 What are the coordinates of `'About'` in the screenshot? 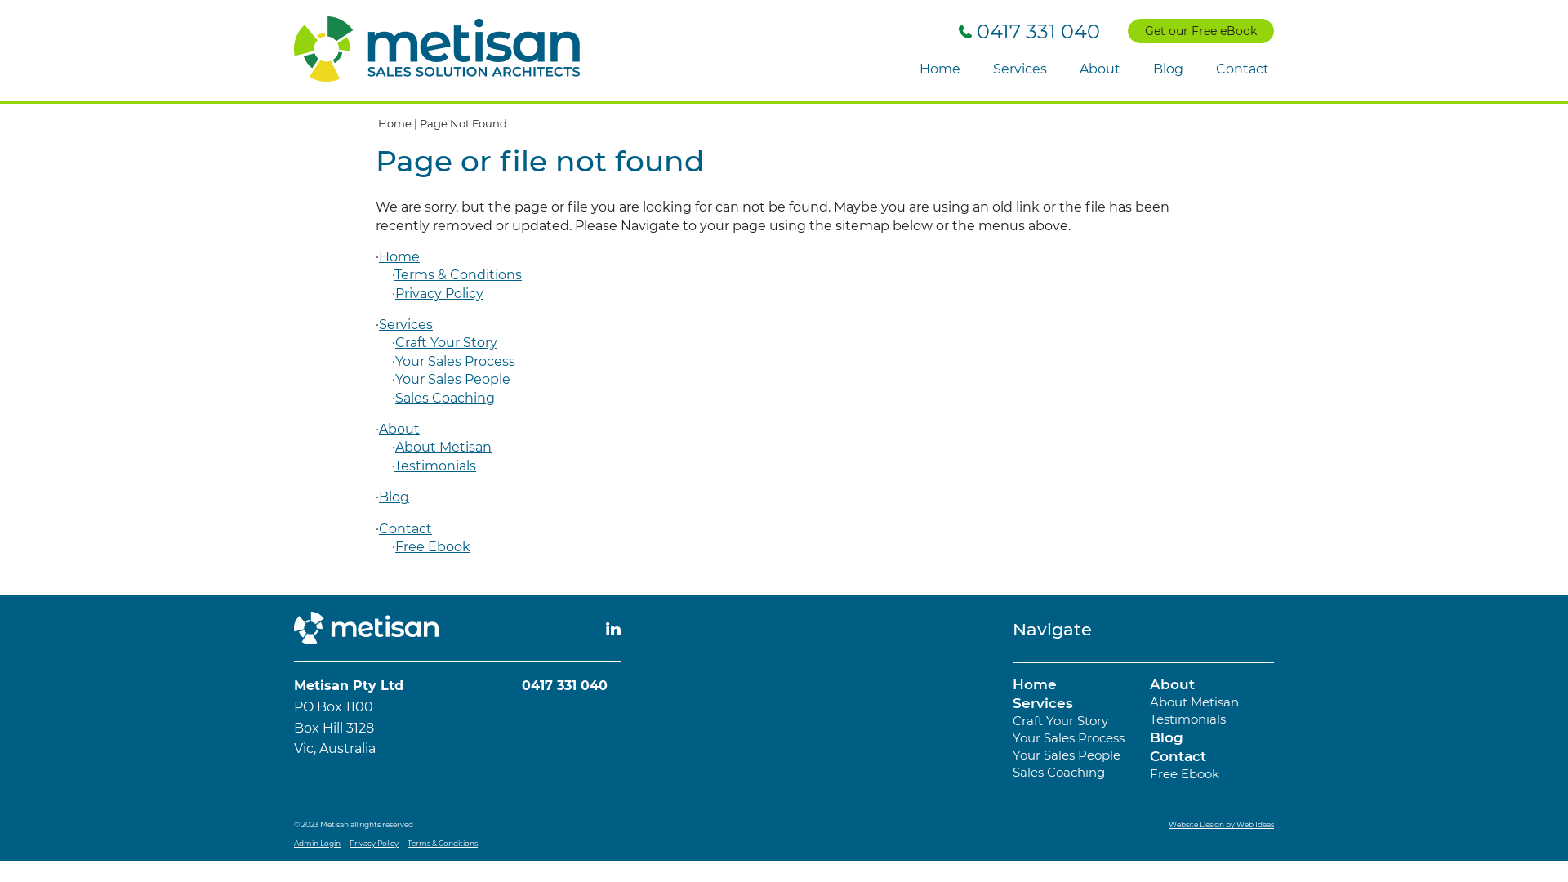 It's located at (1171, 684).